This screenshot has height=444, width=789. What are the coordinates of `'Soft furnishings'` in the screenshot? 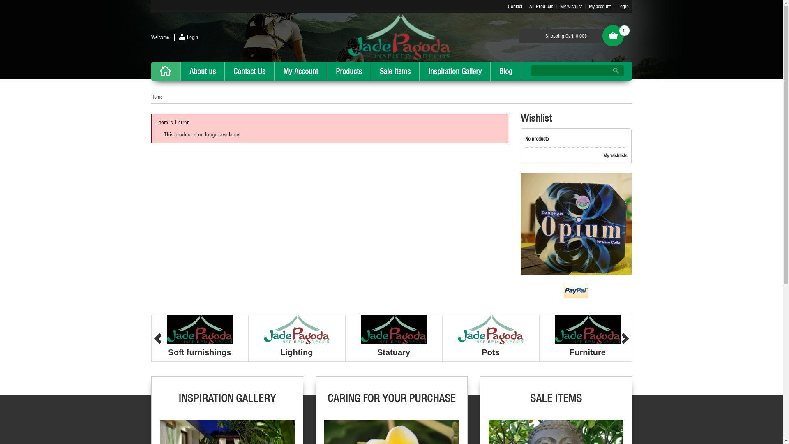 It's located at (199, 351).